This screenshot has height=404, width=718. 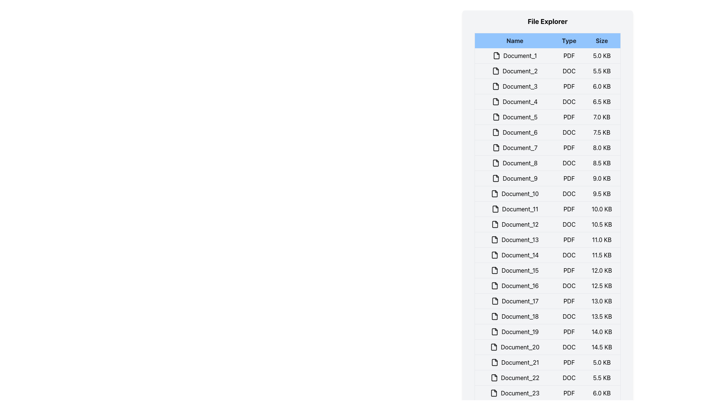 What do you see at coordinates (494, 378) in the screenshot?
I see `the small monochrome document icon located to the left of the text 'Document_22' in the file listing interface` at bounding box center [494, 378].